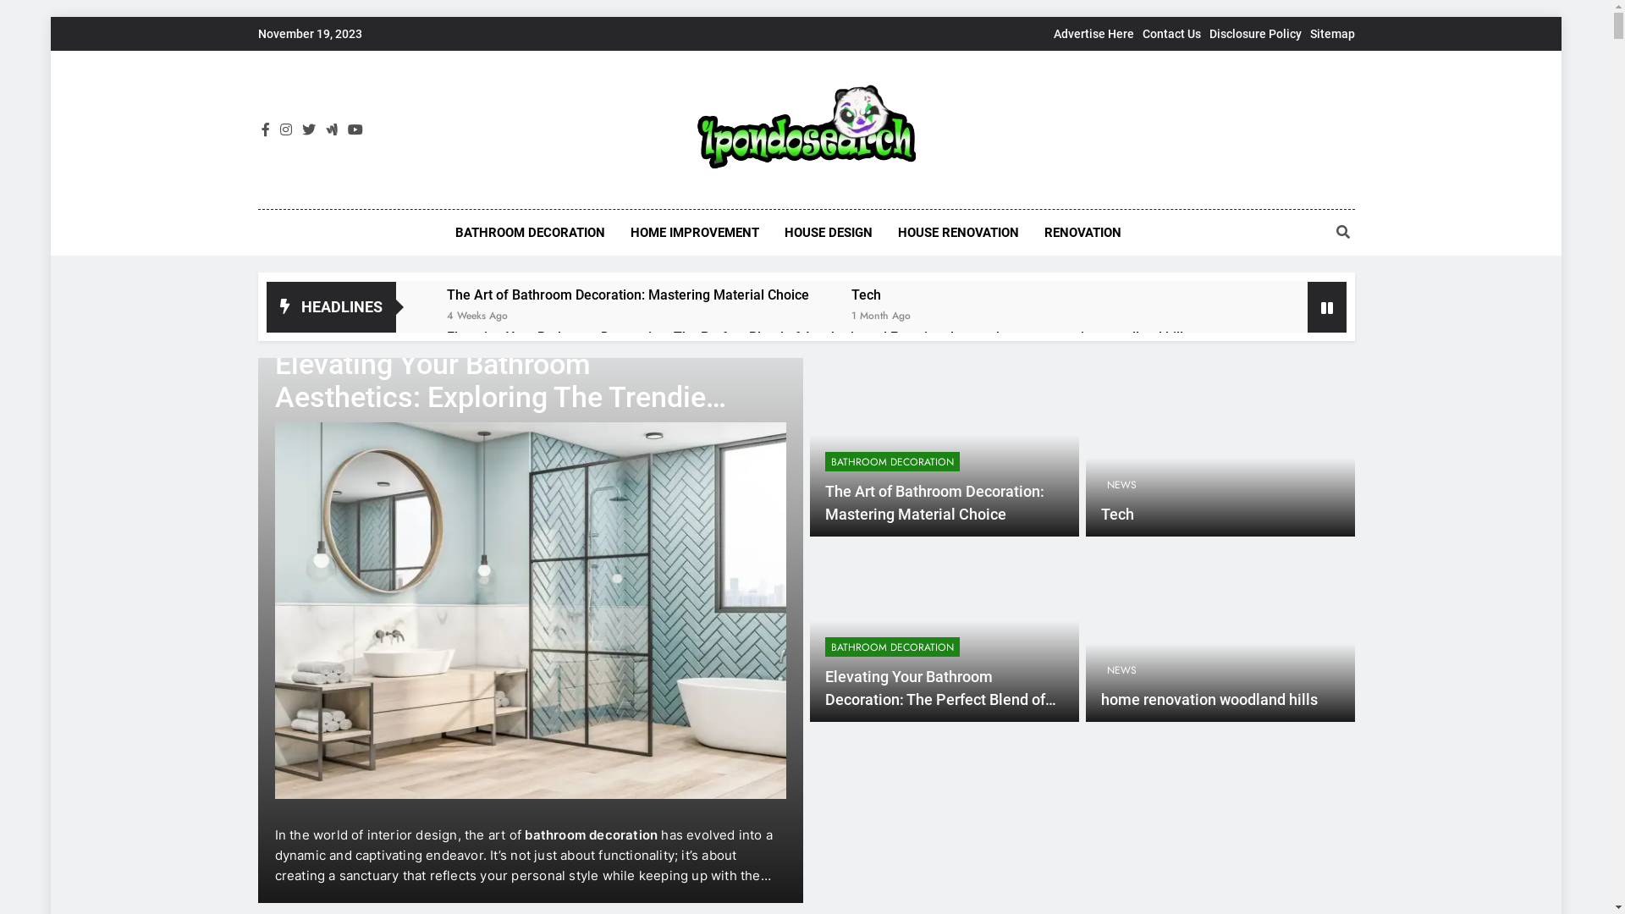  I want to click on 'RENOVATION', so click(1082, 232).